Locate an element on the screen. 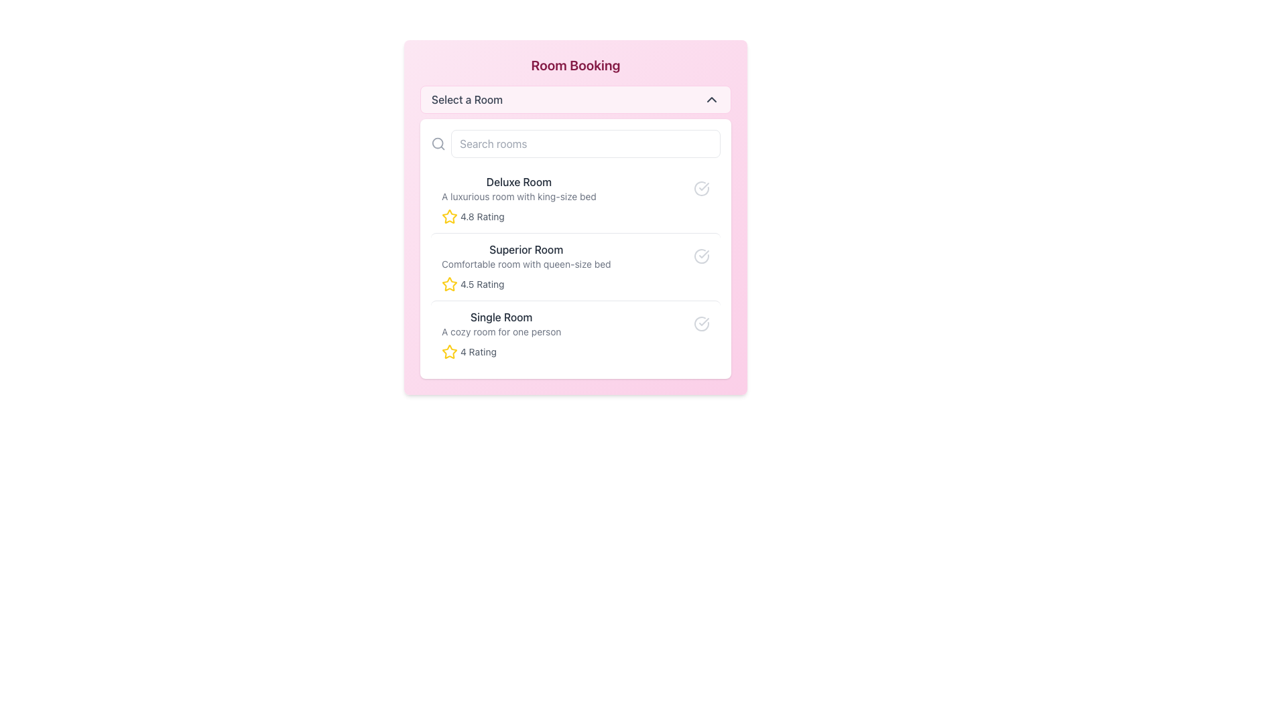 The height and width of the screenshot is (723, 1287). the dropdown button located underneath the 'Room Booking' title is located at coordinates (576, 99).